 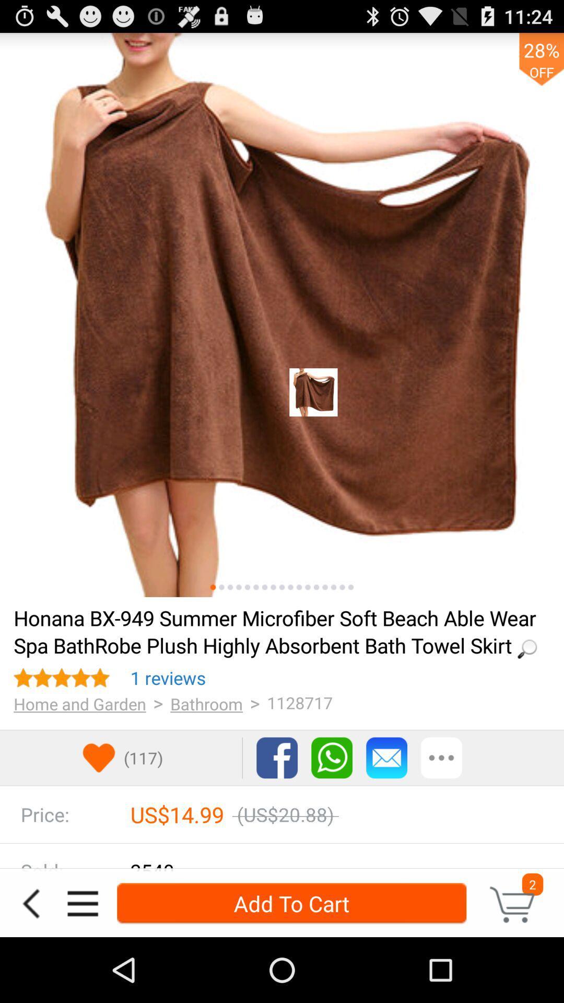 I want to click on next photograph, so click(x=342, y=587).